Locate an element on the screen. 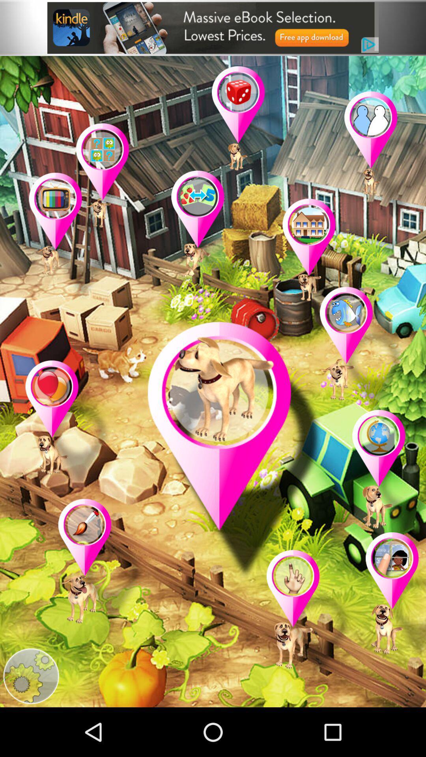 The image size is (426, 757). the settings icon is located at coordinates (30, 723).